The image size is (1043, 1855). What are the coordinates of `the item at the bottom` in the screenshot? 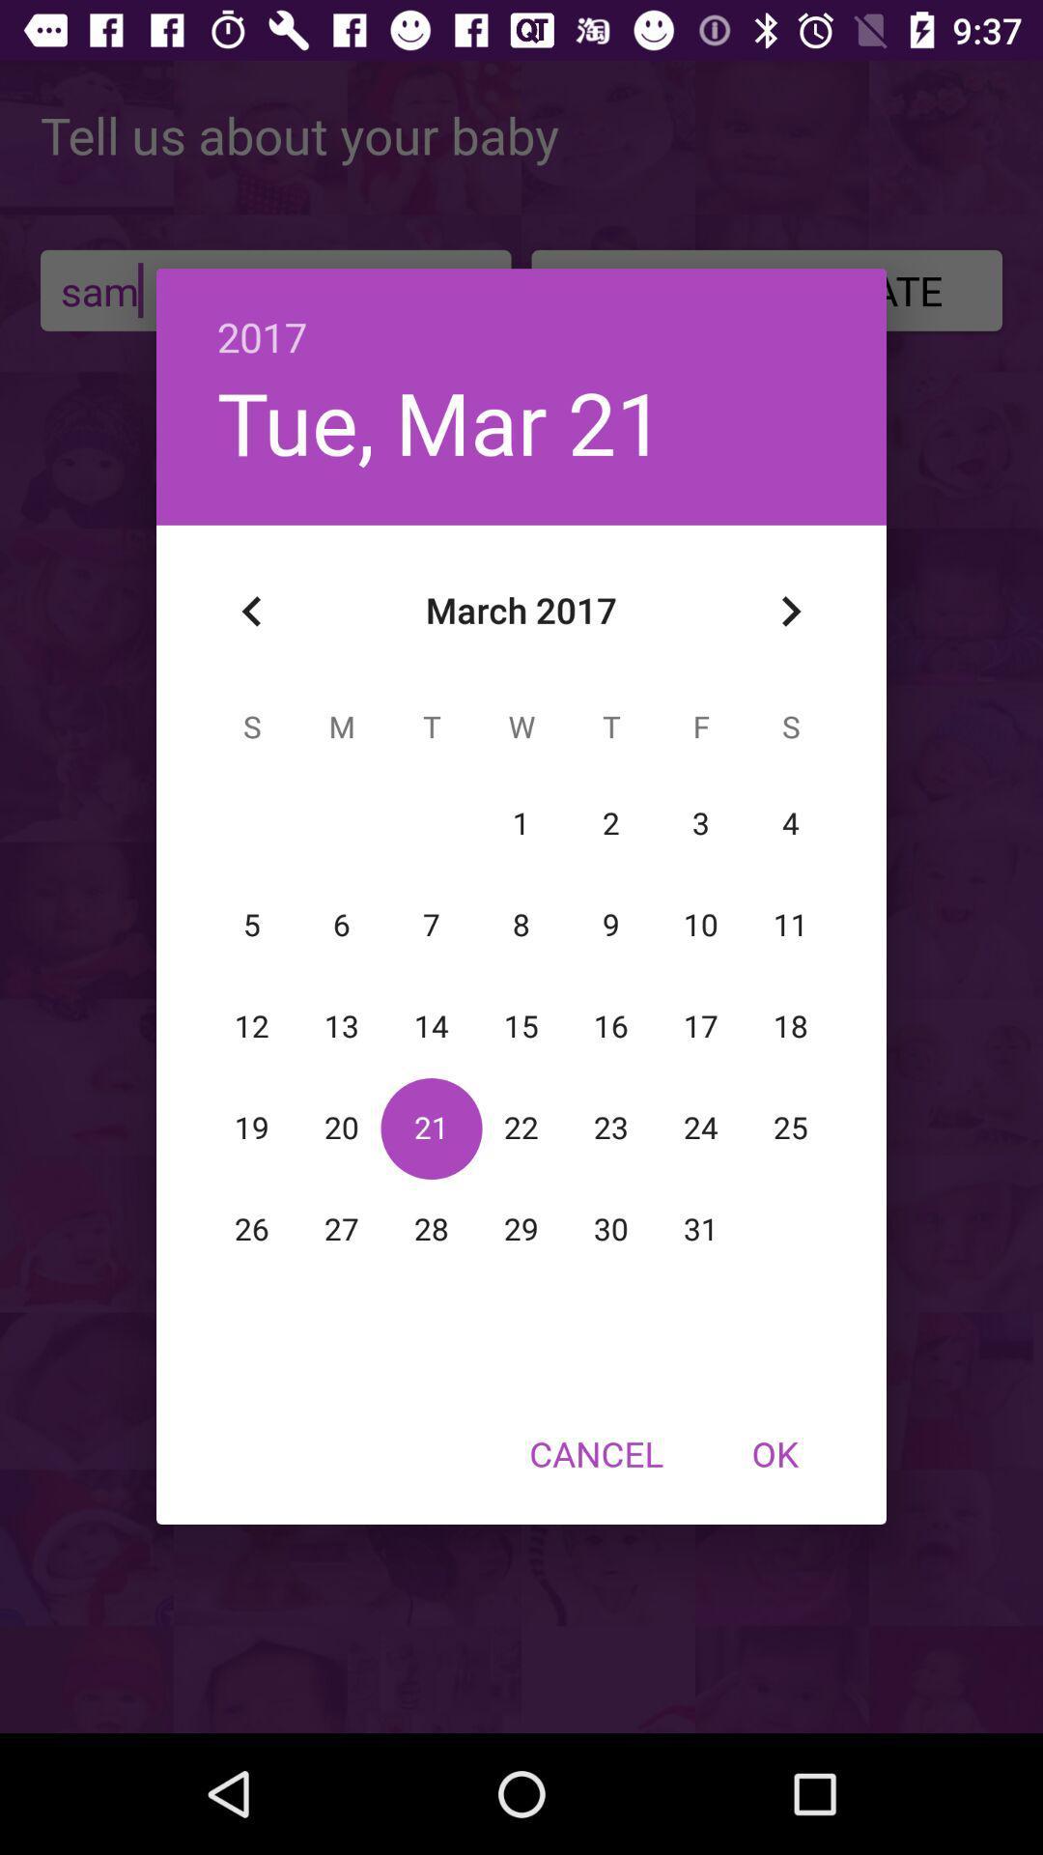 It's located at (595, 1453).